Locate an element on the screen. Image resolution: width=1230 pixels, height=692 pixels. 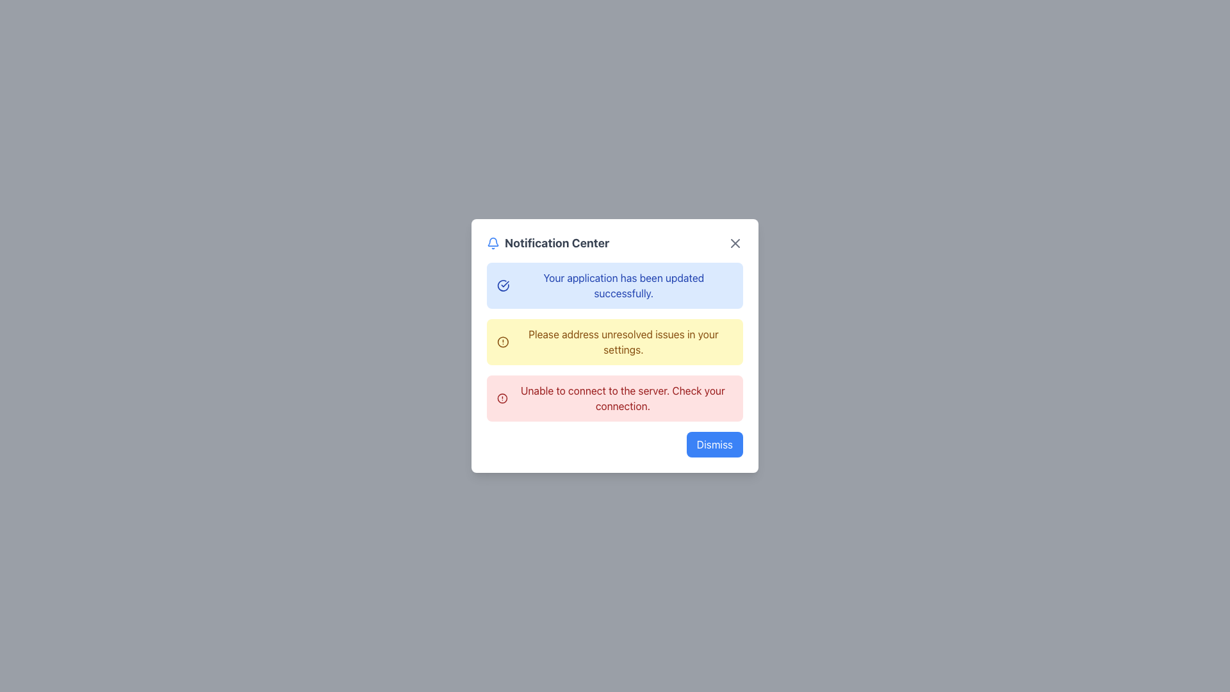
the error icon located in the notification dialog adjacent to the text 'Unable to connect to the server. Check your connection' is located at coordinates (502, 397).